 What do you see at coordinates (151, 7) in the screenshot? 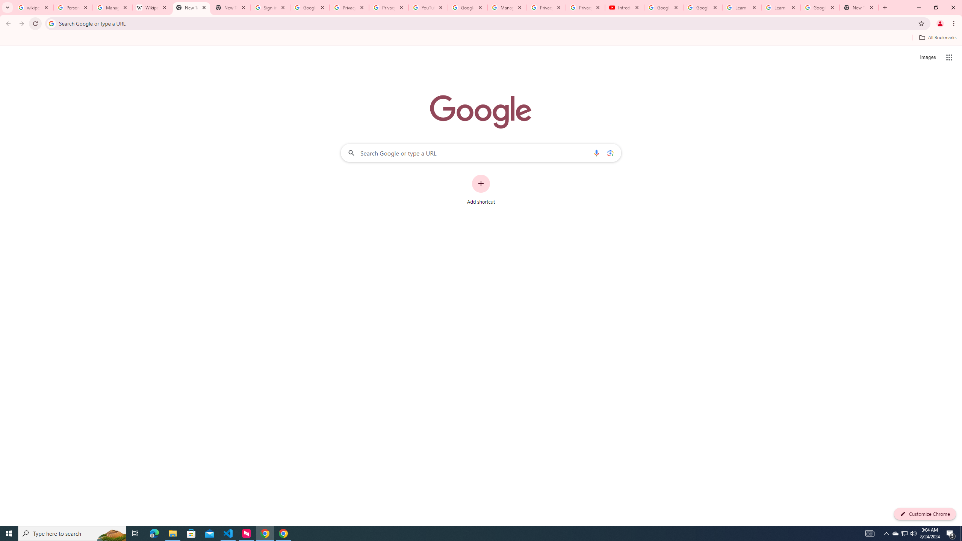
I see `'Wikipedia:Edit requests - Wikipedia'` at bounding box center [151, 7].